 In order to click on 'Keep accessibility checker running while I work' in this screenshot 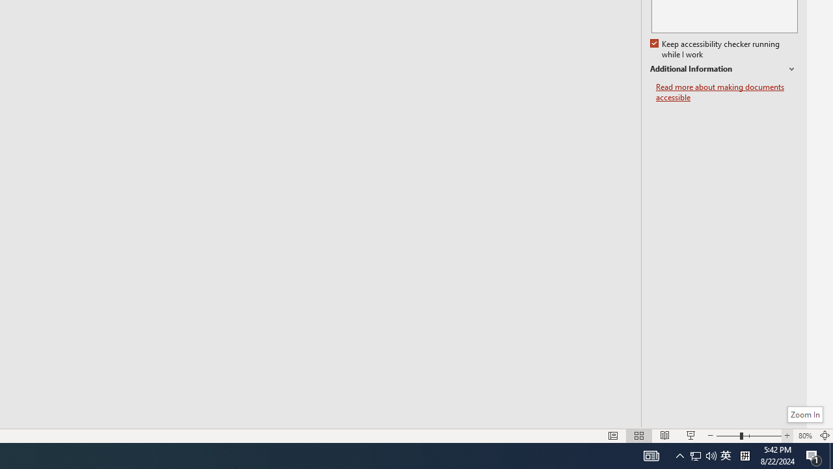, I will do `click(715, 49)`.